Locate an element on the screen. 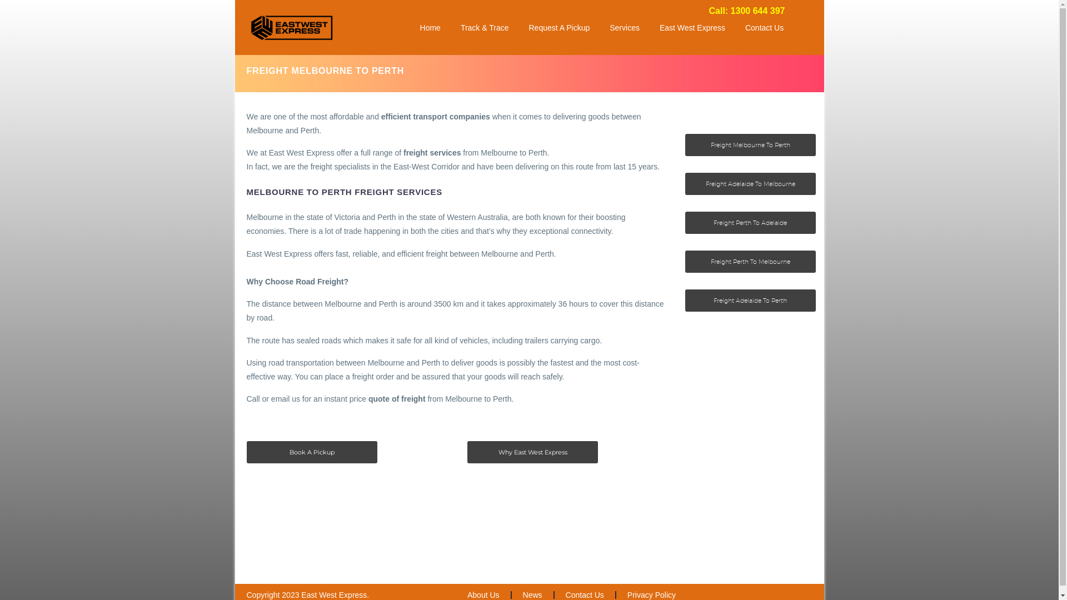 Image resolution: width=1067 pixels, height=600 pixels. 'Request A Pickup' is located at coordinates (559, 27).